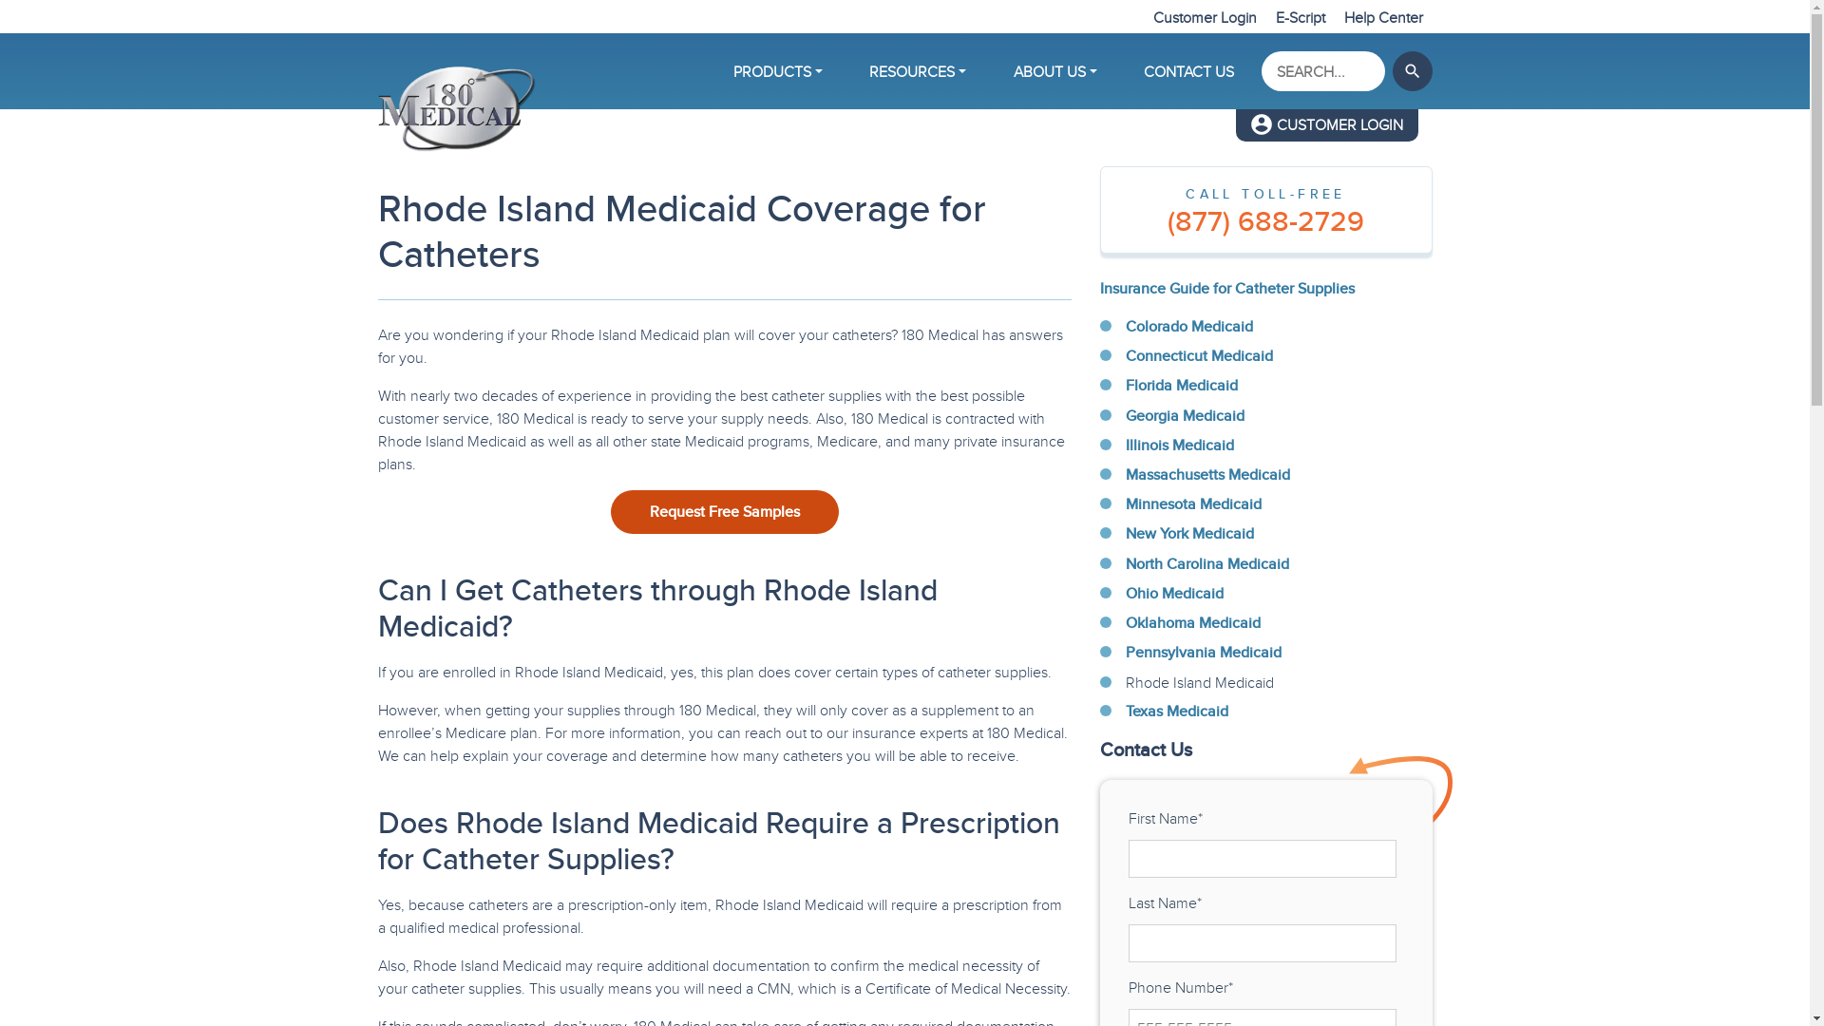 This screenshot has width=1824, height=1026. What do you see at coordinates (1180, 385) in the screenshot?
I see `'Florida Medicaid'` at bounding box center [1180, 385].